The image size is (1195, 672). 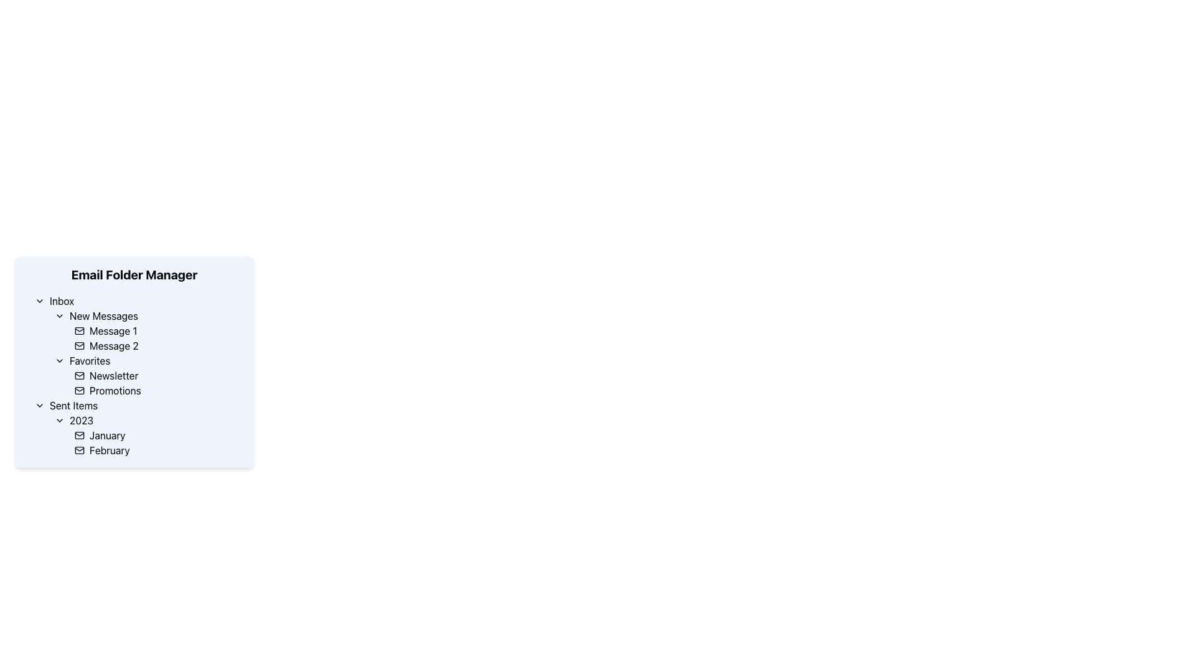 What do you see at coordinates (59, 360) in the screenshot?
I see `the downward pointing chevron toggle icon located to the left of the 'Favorites' text in the email folder manager UI` at bounding box center [59, 360].